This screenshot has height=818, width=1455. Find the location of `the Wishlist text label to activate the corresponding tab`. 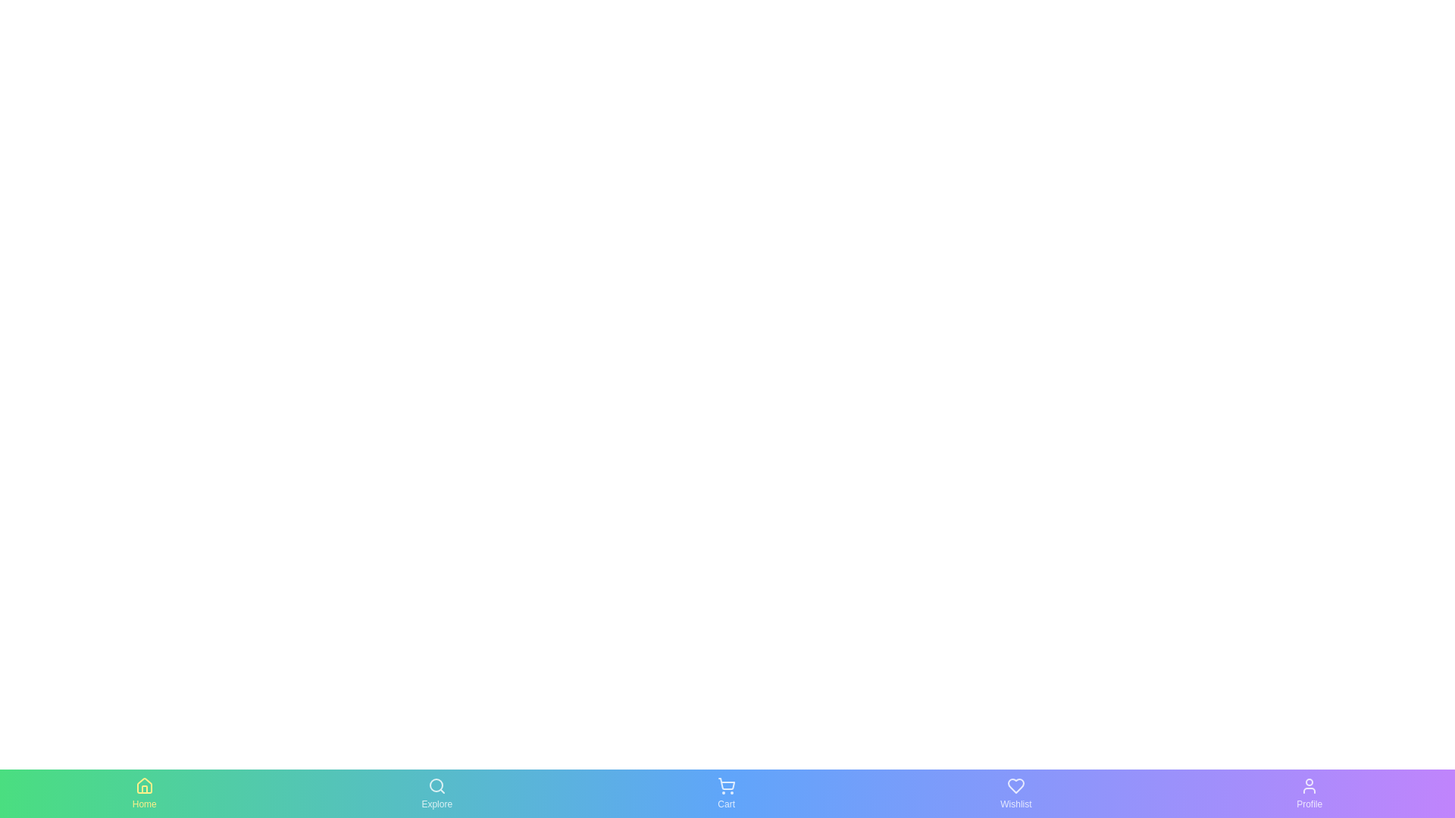

the Wishlist text label to activate the corresponding tab is located at coordinates (1015, 803).